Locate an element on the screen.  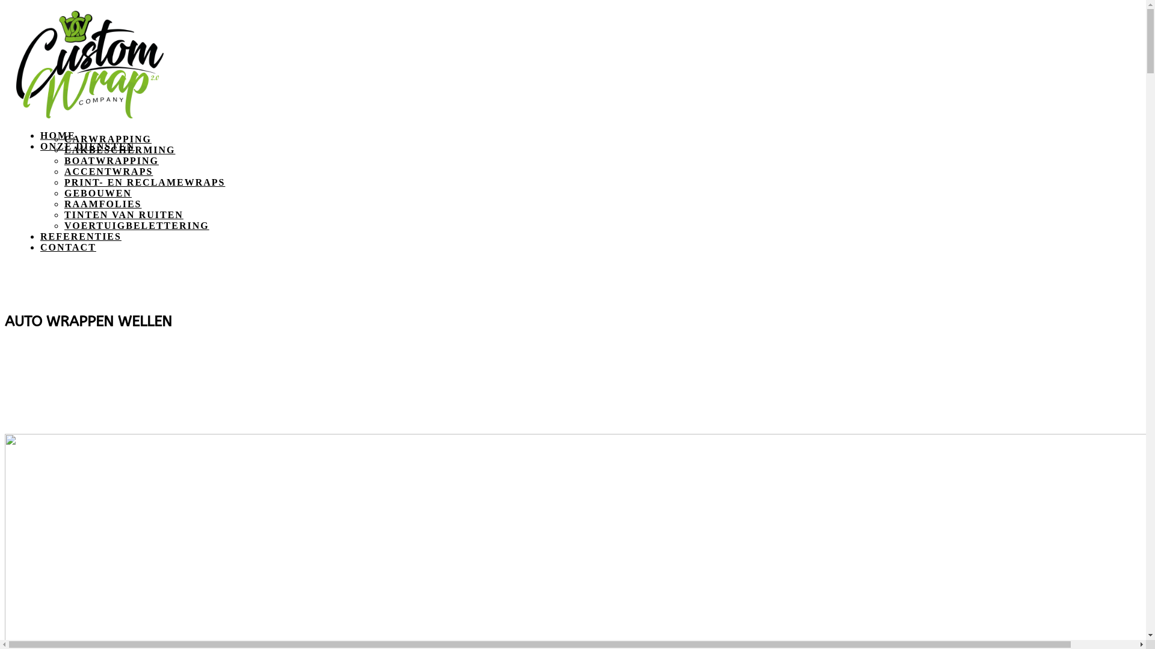
'CARWRAPPING' is located at coordinates (108, 138).